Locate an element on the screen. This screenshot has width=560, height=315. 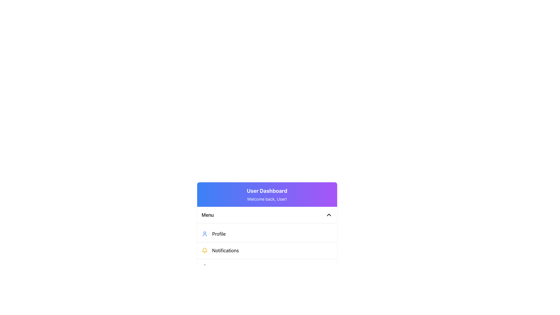
the welcoming text label located below the 'User Dashboard' title in the dashboard area is located at coordinates (267, 199).